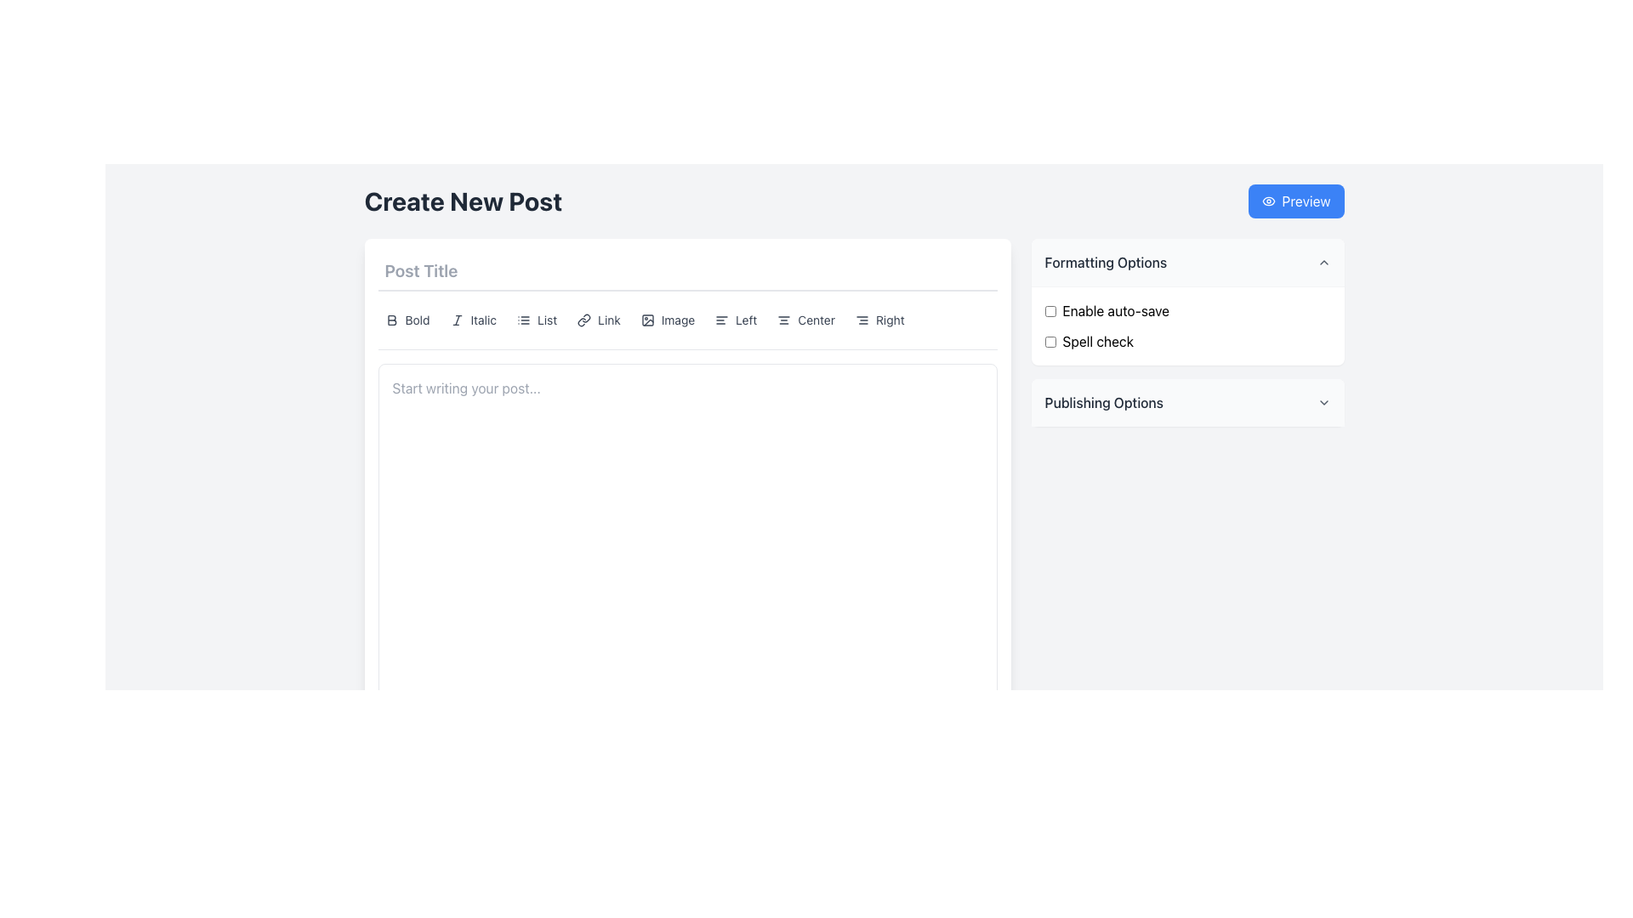 This screenshot has height=918, width=1633. Describe the element at coordinates (1049, 311) in the screenshot. I see `the blue styled checkbox input for 'Enable auto-save' located in the 'Formatting Options' section` at that location.